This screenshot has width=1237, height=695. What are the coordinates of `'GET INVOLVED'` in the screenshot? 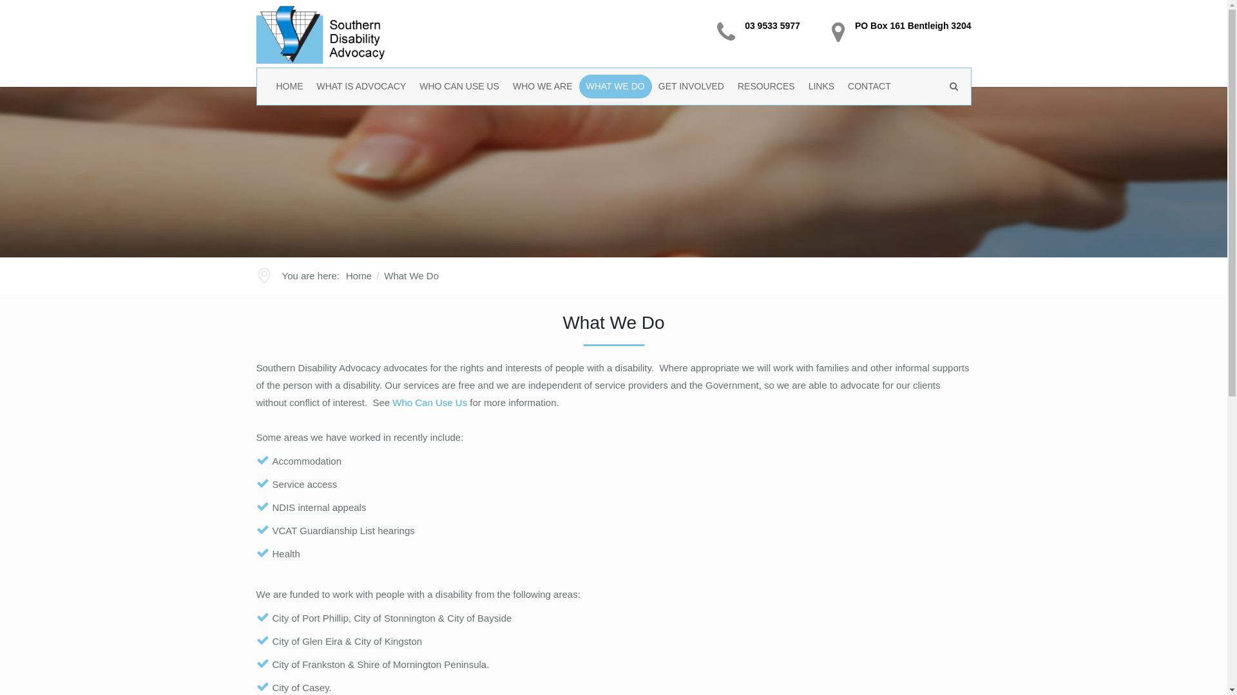 It's located at (652, 86).